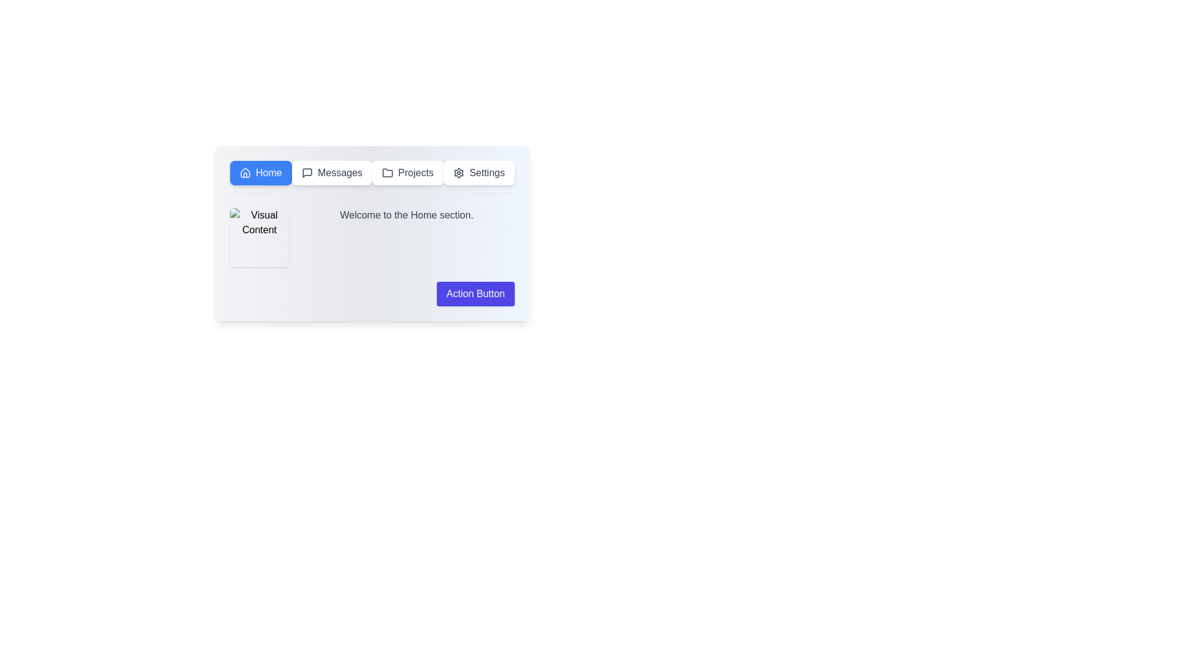  Describe the element at coordinates (387, 173) in the screenshot. I see `the 'Projects' icon located in the menu bar, which serves as the identifier for the 'Projects' section of the interface` at that location.